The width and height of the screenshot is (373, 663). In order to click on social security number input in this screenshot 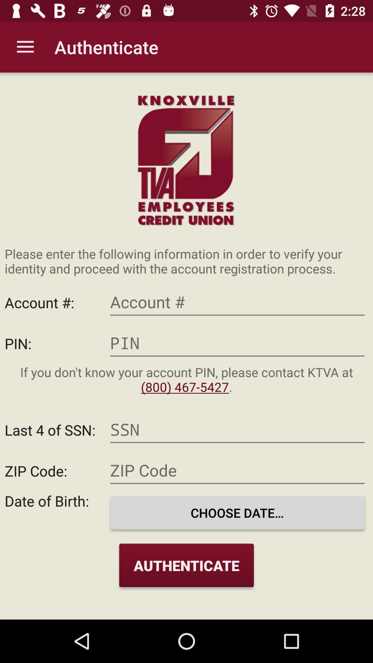, I will do `click(237, 429)`.